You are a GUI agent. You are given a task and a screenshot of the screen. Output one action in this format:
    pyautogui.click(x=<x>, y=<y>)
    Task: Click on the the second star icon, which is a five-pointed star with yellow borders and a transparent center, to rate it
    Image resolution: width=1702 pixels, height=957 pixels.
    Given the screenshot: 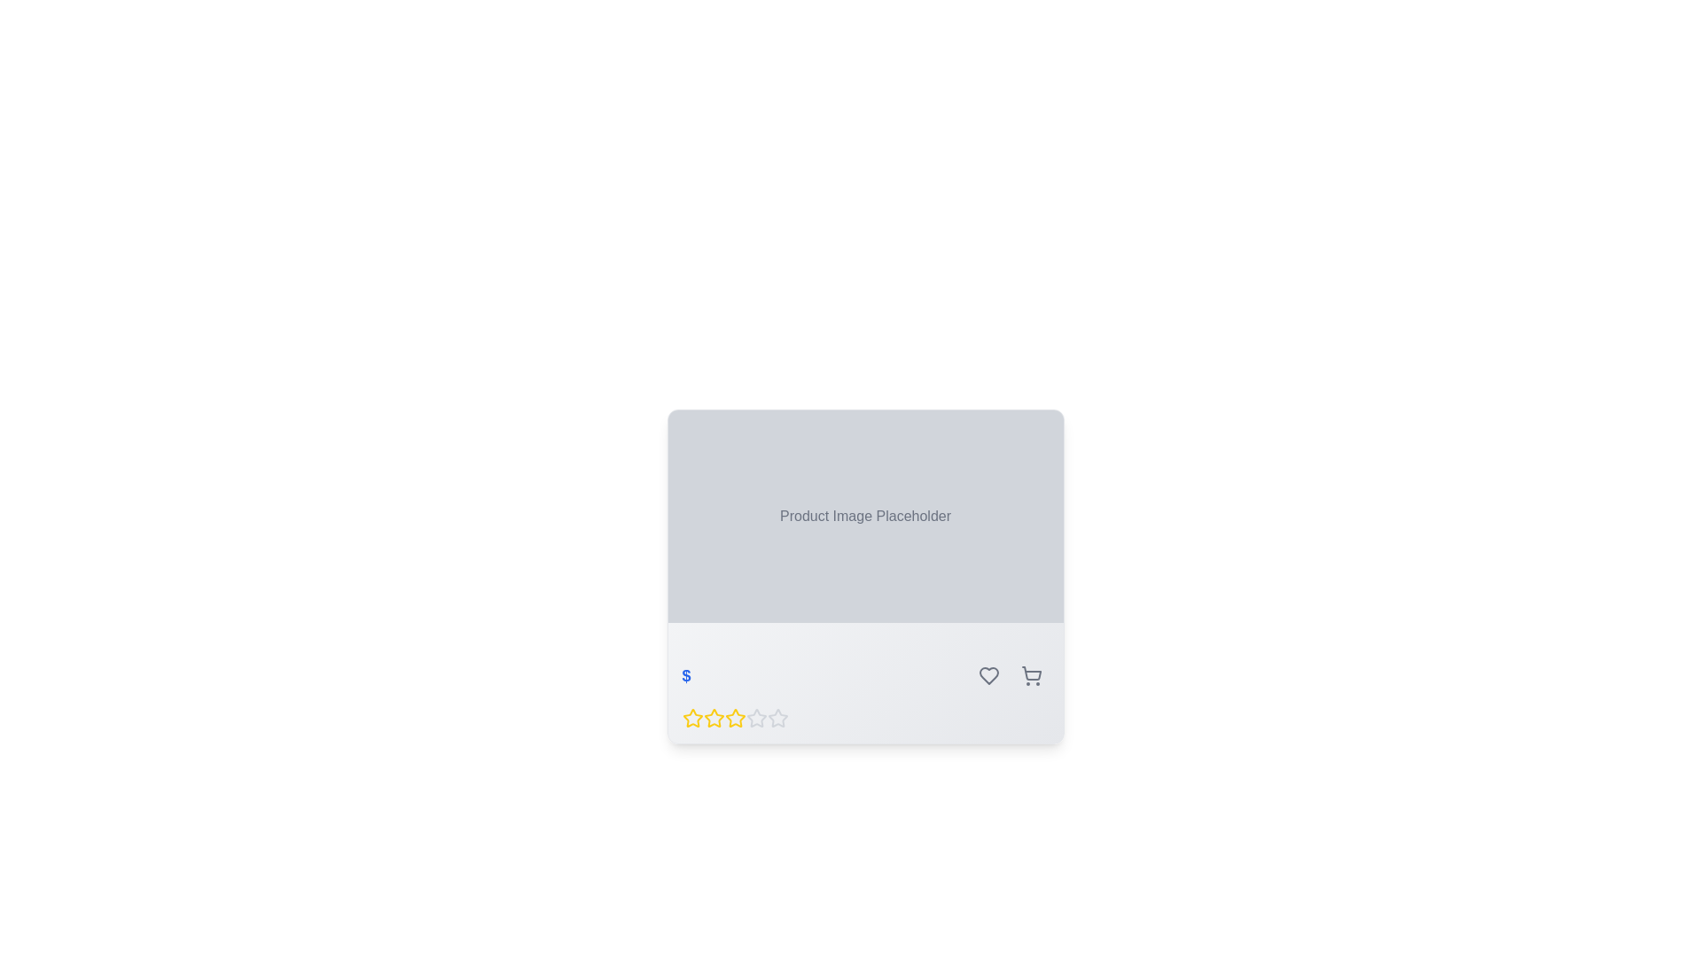 What is the action you would take?
    pyautogui.click(x=714, y=718)
    